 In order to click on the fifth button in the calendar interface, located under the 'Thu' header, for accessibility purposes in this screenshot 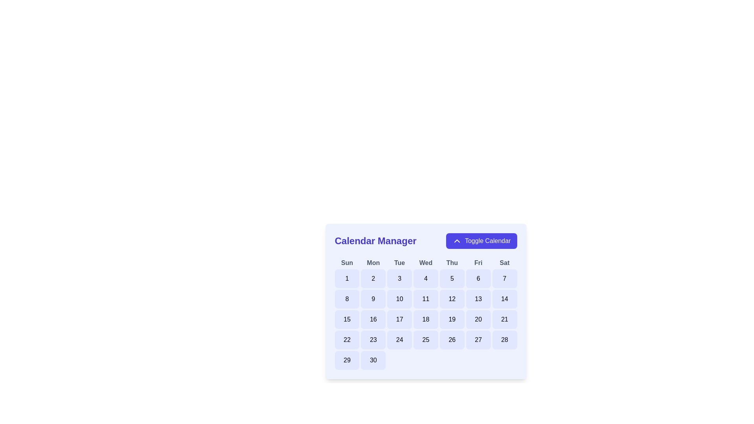, I will do `click(452, 278)`.